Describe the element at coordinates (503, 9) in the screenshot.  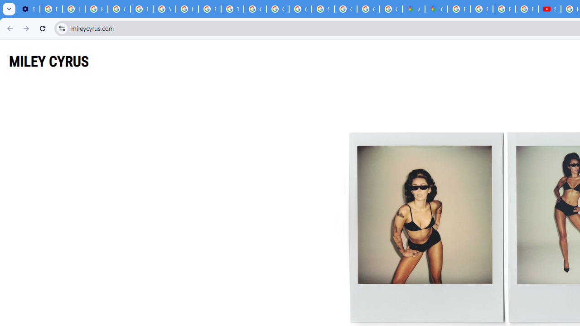
I see `'Privacy Help Center - Policies Help'` at that location.